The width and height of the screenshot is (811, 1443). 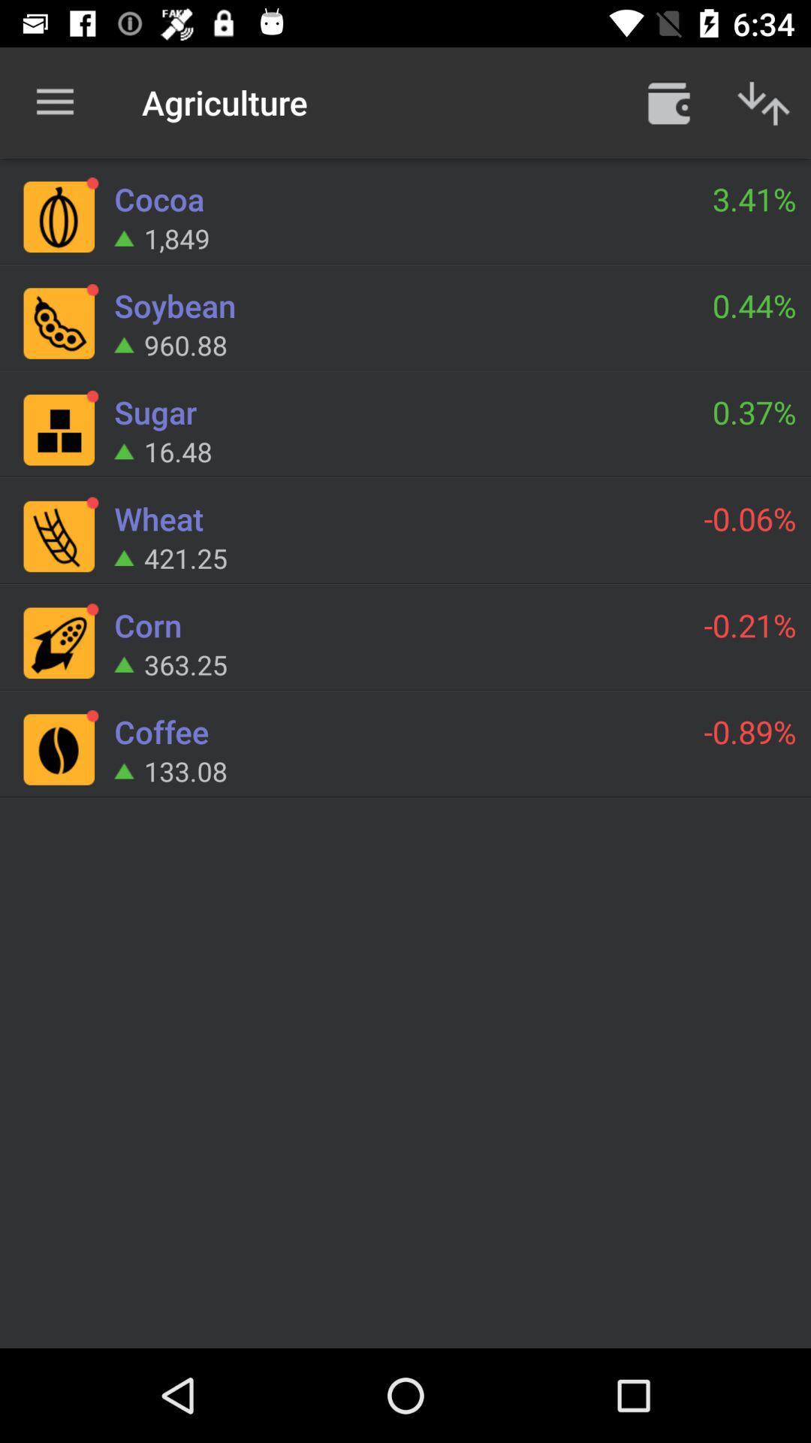 I want to click on item above 3.41% item, so click(x=668, y=101).